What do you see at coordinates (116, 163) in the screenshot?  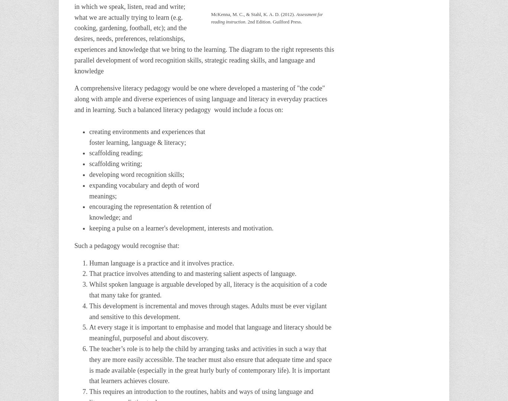 I see `'scaffolding writing;'` at bounding box center [116, 163].